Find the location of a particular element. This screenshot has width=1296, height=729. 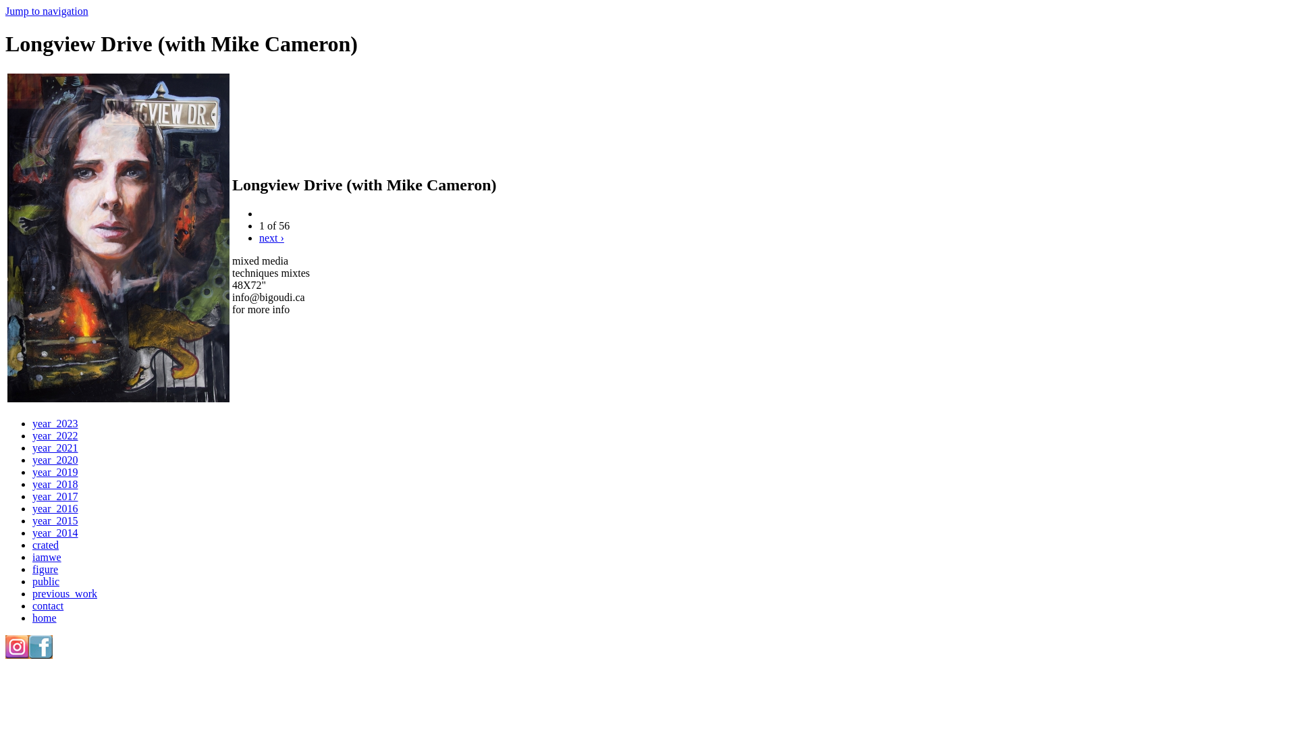

'home' is located at coordinates (45, 618).